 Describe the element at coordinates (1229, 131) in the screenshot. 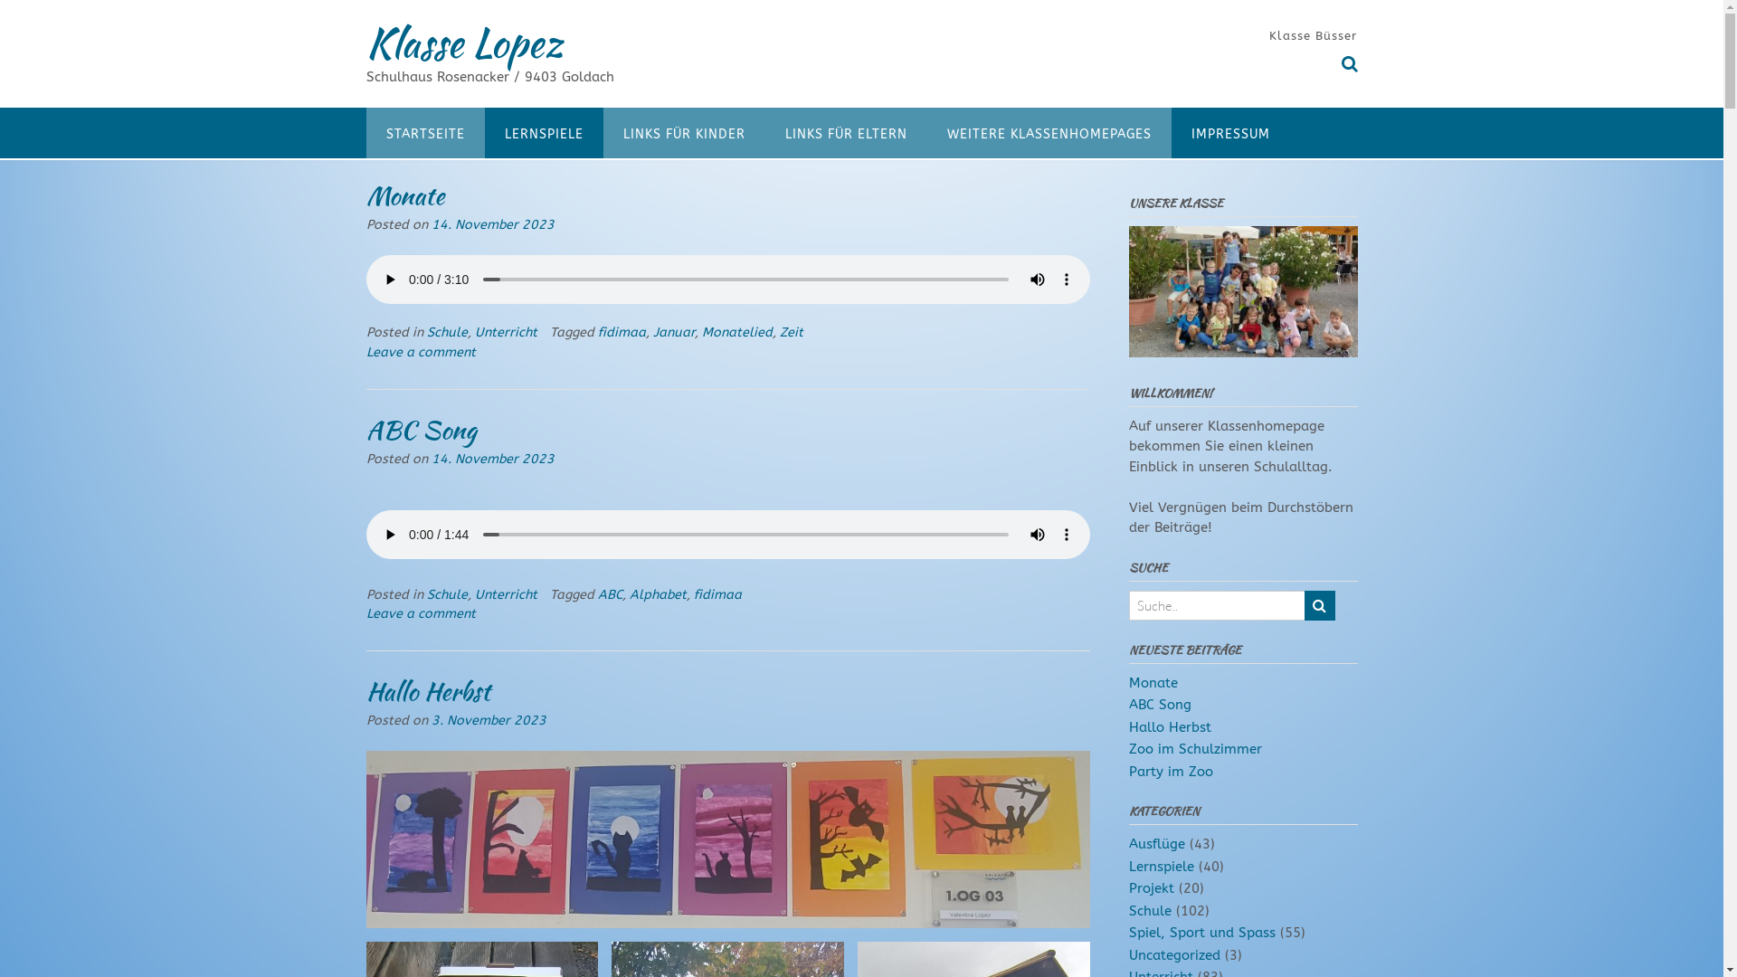

I see `'IMPRESSUM'` at that location.